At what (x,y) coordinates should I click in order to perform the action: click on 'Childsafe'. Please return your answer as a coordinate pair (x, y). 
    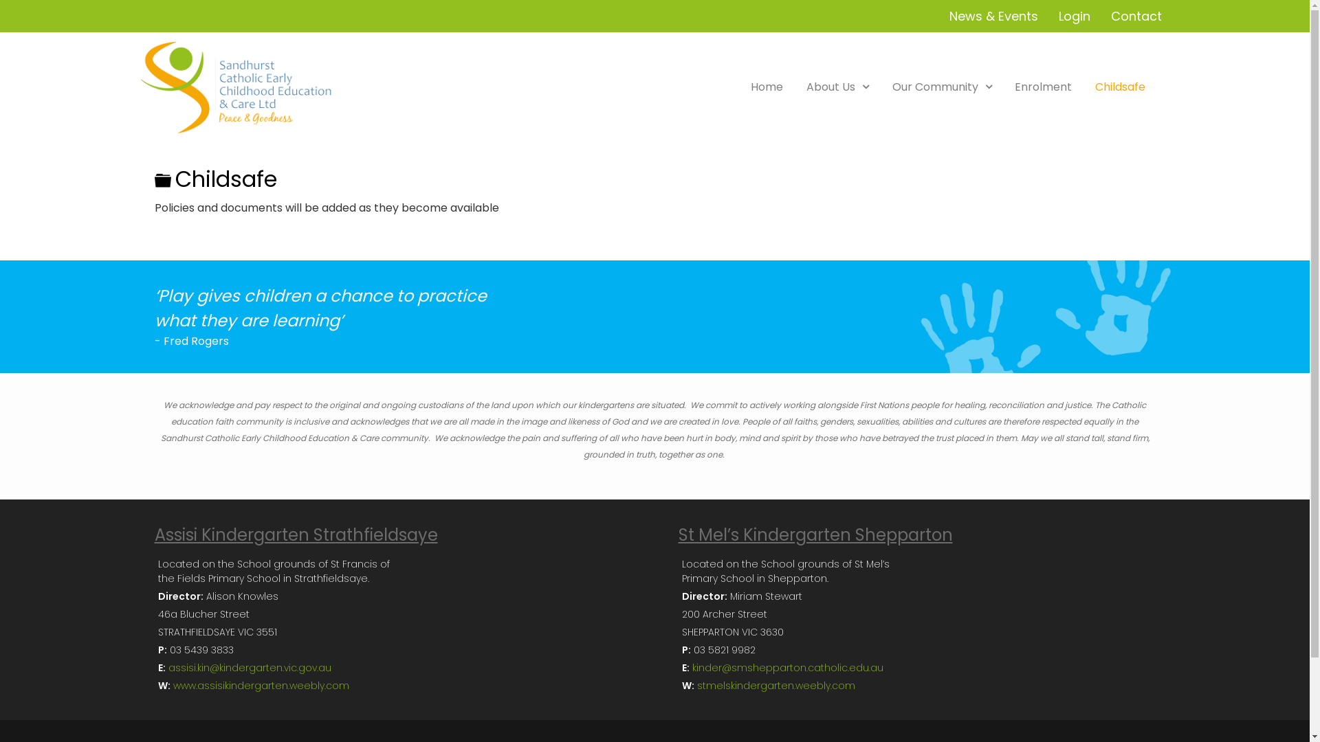
    Looking at the image, I should click on (1120, 87).